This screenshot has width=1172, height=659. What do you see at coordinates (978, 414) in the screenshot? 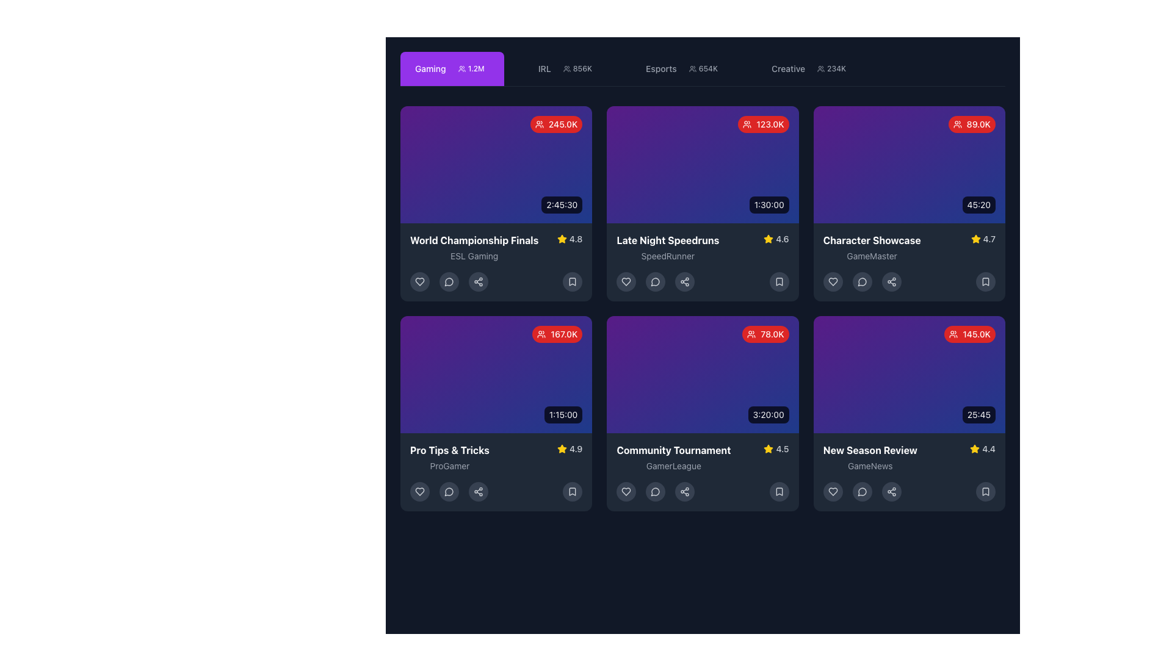
I see `the Text label displaying the duration or elapsed time of the media, located at the bottom-right corner of the sixth card in a grid layout` at bounding box center [978, 414].